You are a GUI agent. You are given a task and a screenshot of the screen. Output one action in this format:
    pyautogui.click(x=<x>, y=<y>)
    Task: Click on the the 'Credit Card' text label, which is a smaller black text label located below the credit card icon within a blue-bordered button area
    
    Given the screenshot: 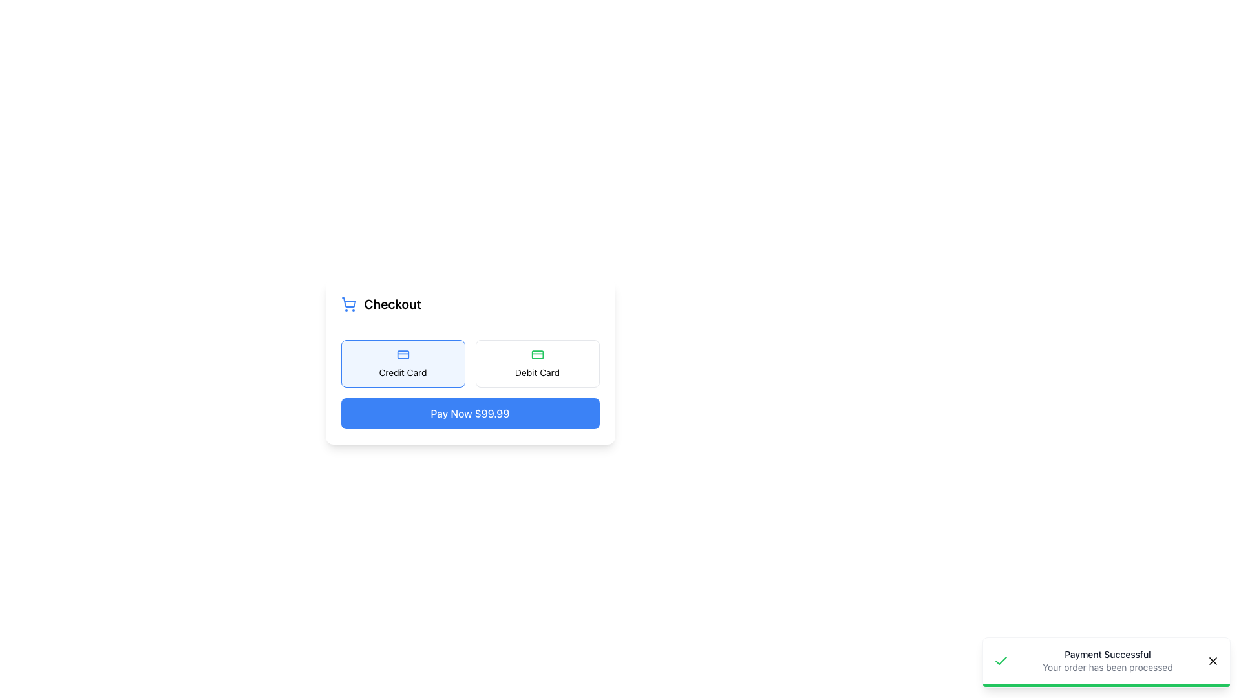 What is the action you would take?
    pyautogui.click(x=402, y=373)
    